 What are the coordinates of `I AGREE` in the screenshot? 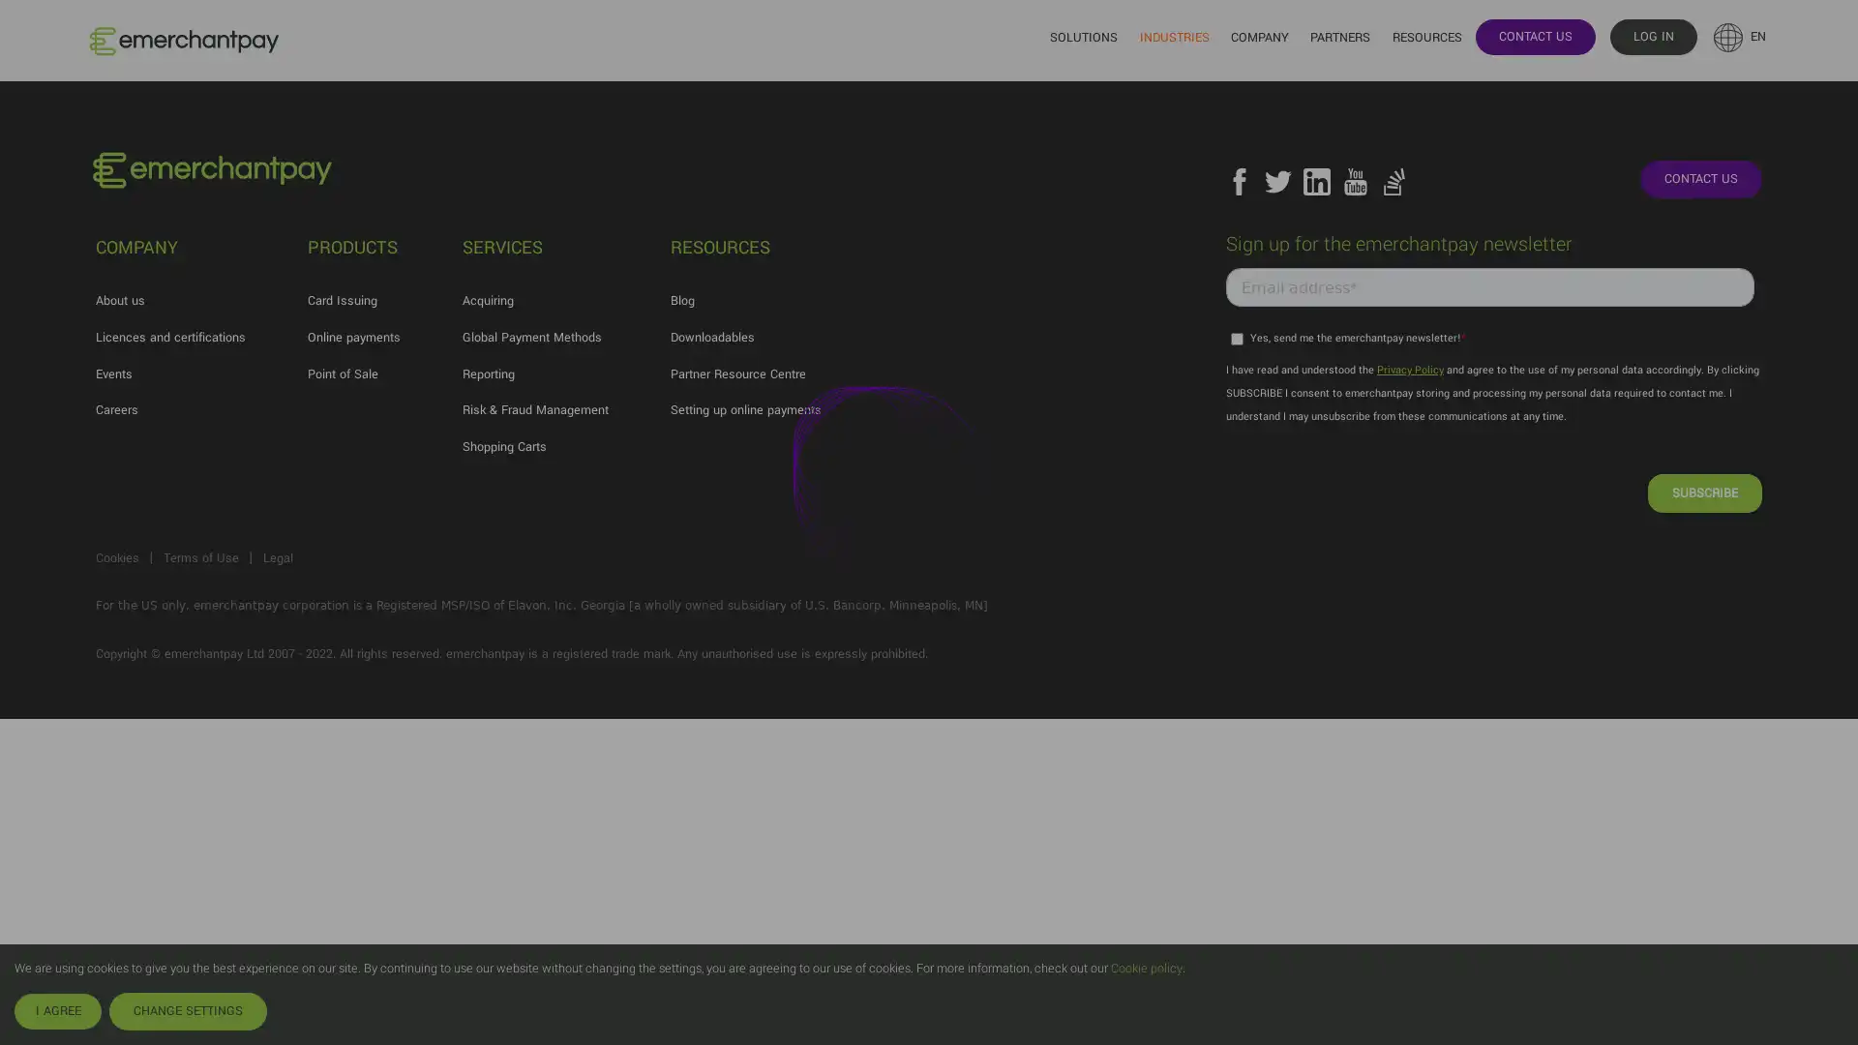 It's located at (57, 1010).